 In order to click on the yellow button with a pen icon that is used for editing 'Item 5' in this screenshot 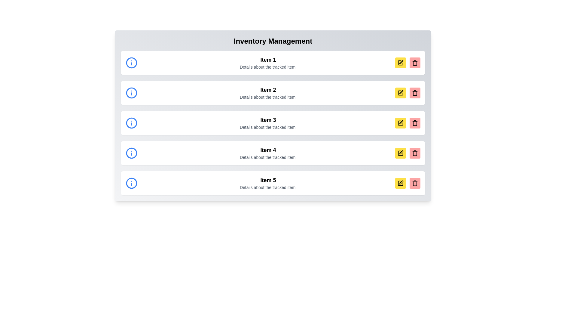, I will do `click(401, 183)`.